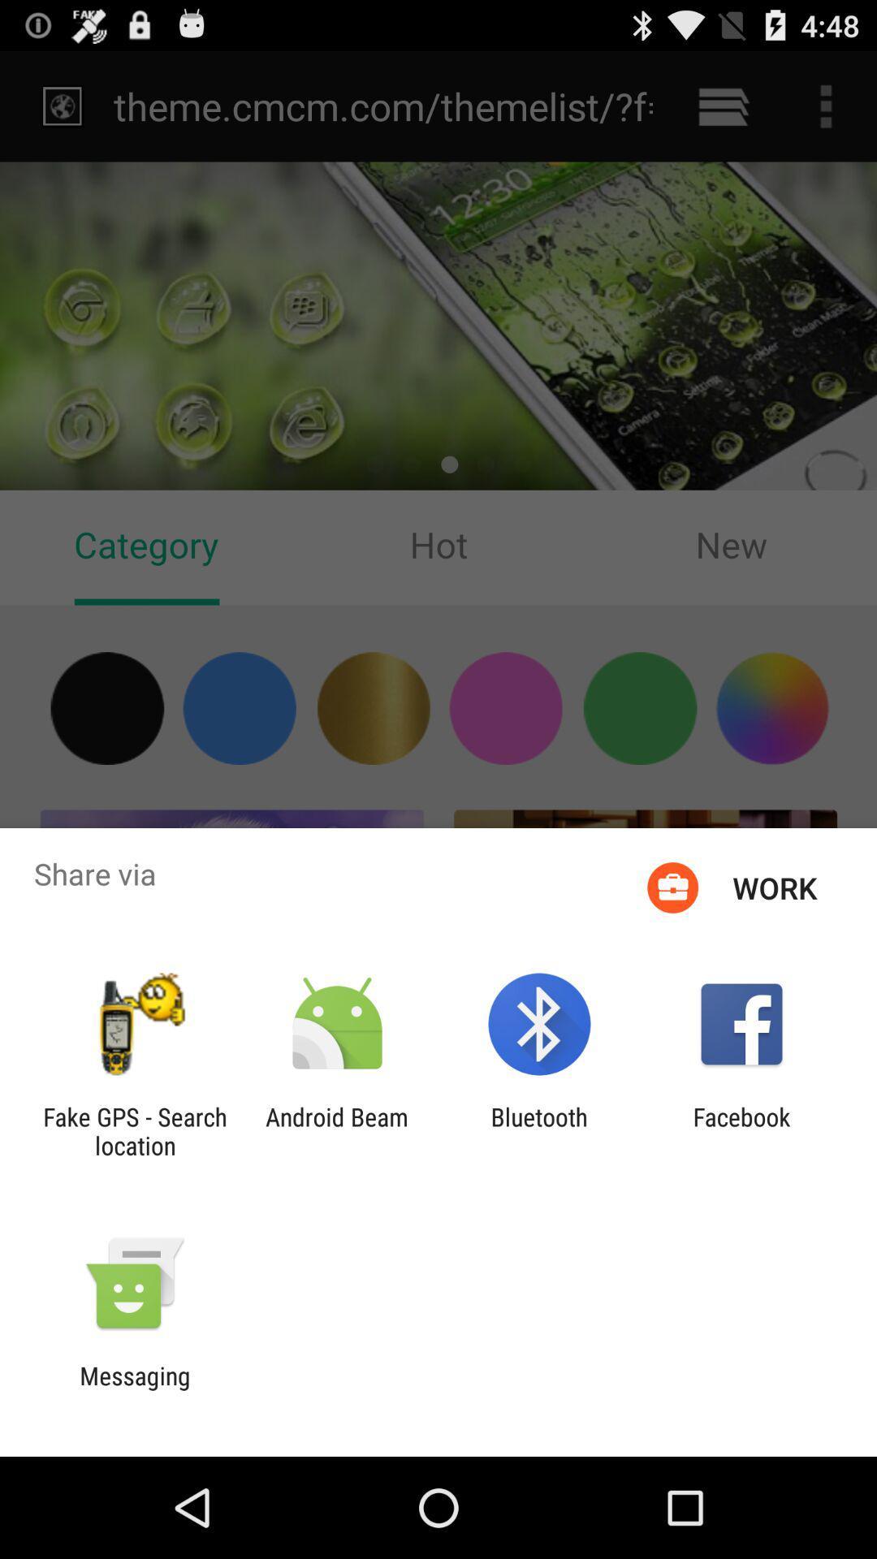  I want to click on the facebook item, so click(741, 1130).